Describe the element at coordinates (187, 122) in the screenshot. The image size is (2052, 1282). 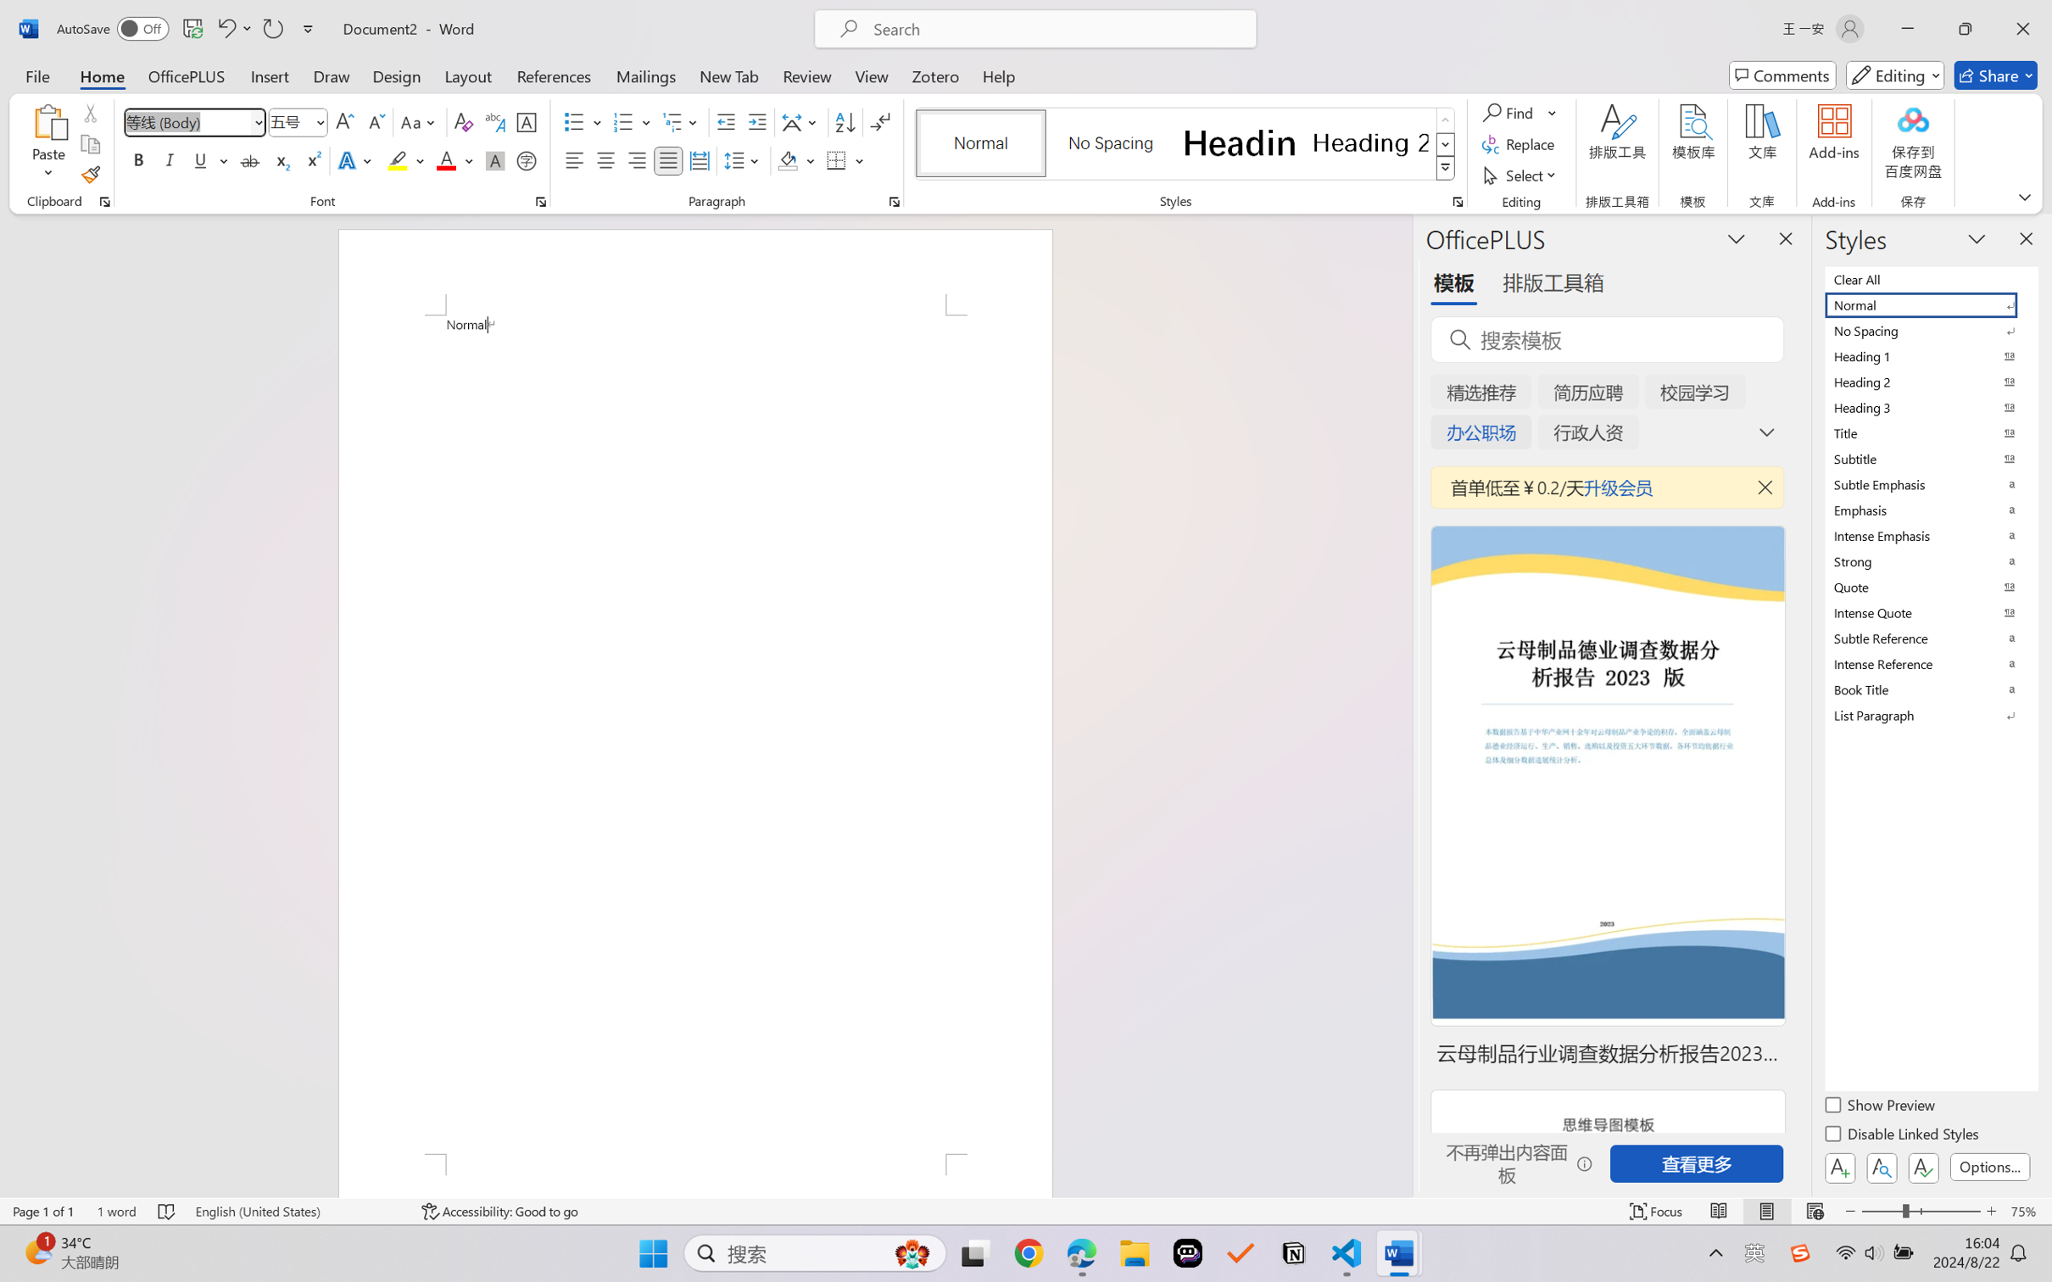
I see `'Font'` at that location.